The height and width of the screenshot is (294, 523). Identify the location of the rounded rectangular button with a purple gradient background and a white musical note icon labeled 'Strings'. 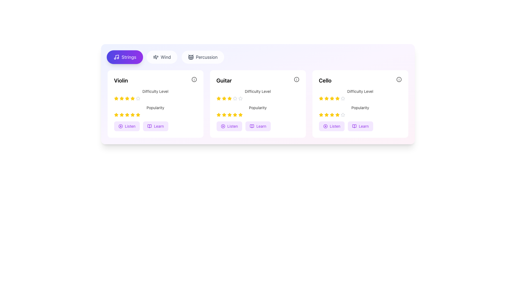
(124, 57).